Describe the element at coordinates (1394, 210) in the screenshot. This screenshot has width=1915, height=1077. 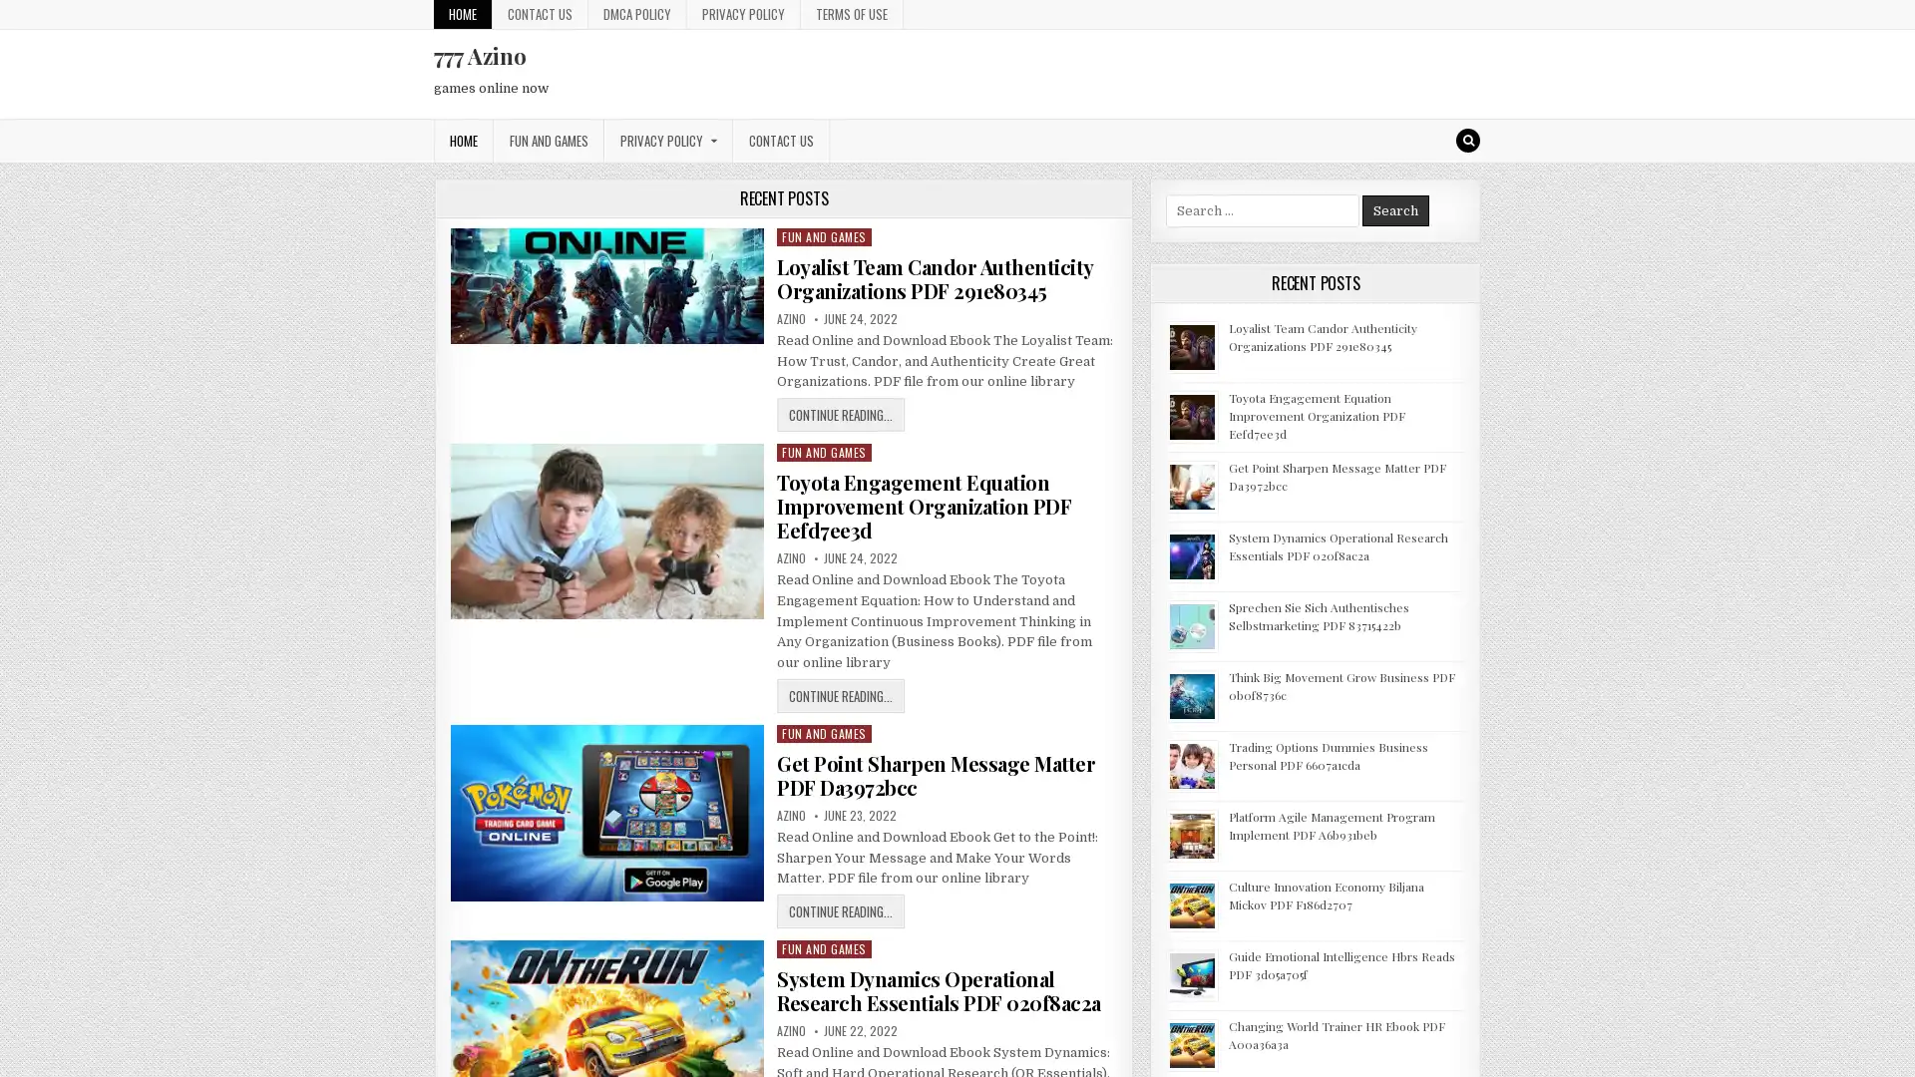
I see `Search` at that location.